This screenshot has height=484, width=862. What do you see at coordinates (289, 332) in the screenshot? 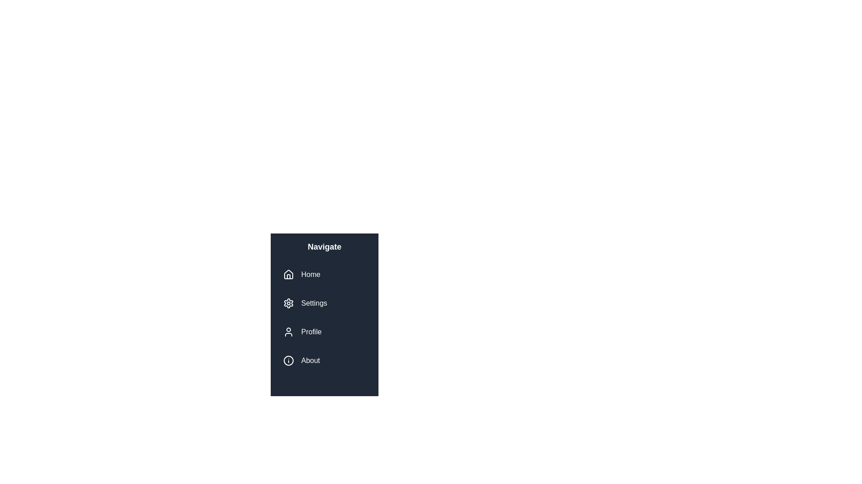
I see `the user profile icon in the navigation menu` at bounding box center [289, 332].